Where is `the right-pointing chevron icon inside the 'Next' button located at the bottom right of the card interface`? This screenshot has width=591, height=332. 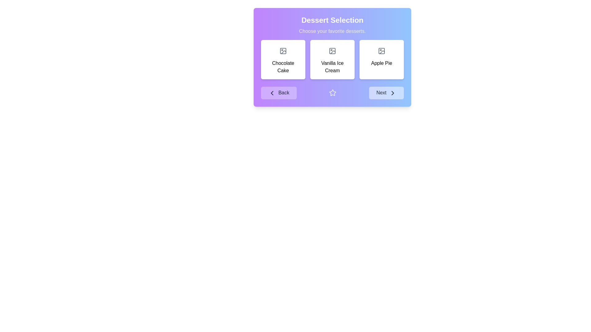
the right-pointing chevron icon inside the 'Next' button located at the bottom right of the card interface is located at coordinates (392, 93).